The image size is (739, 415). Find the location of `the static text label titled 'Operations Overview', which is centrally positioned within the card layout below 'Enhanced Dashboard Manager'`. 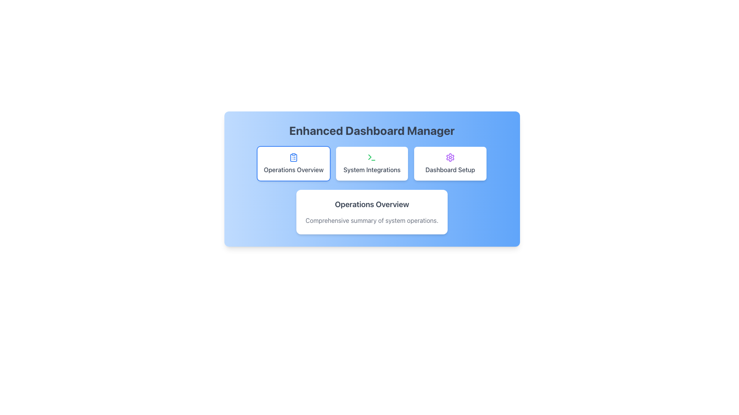

the static text label titled 'Operations Overview', which is centrally positioned within the card layout below 'Enhanced Dashboard Manager' is located at coordinates (372, 204).